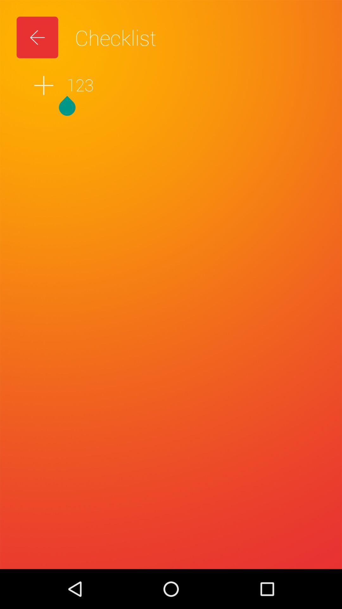  Describe the element at coordinates (37, 37) in the screenshot. I see `the arrow_backward icon` at that location.